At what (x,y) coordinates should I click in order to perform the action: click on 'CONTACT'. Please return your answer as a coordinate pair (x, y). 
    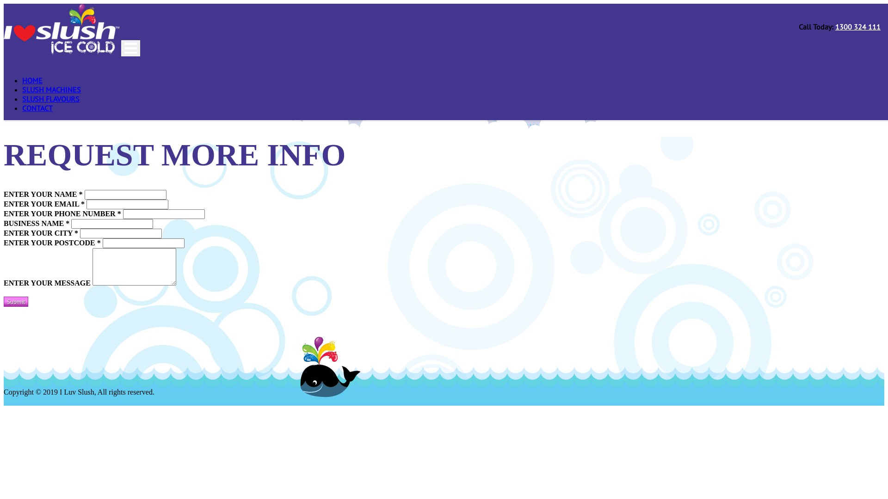
    Looking at the image, I should click on (37, 108).